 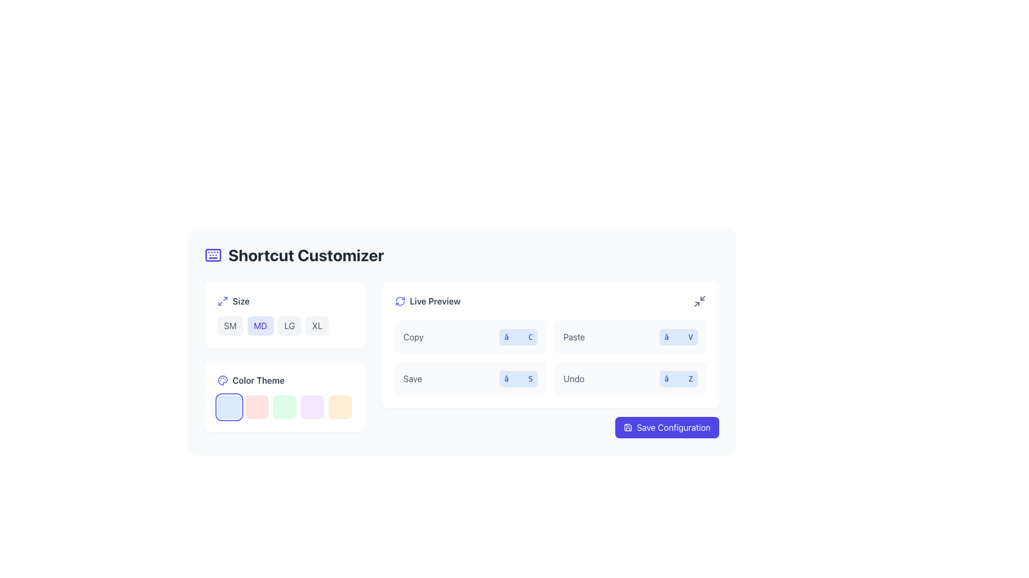 I want to click on the Instructional shortcut key display labeled 'Save ⌘ S' for potential rearrangement in the Live Preview section, so click(x=471, y=378).